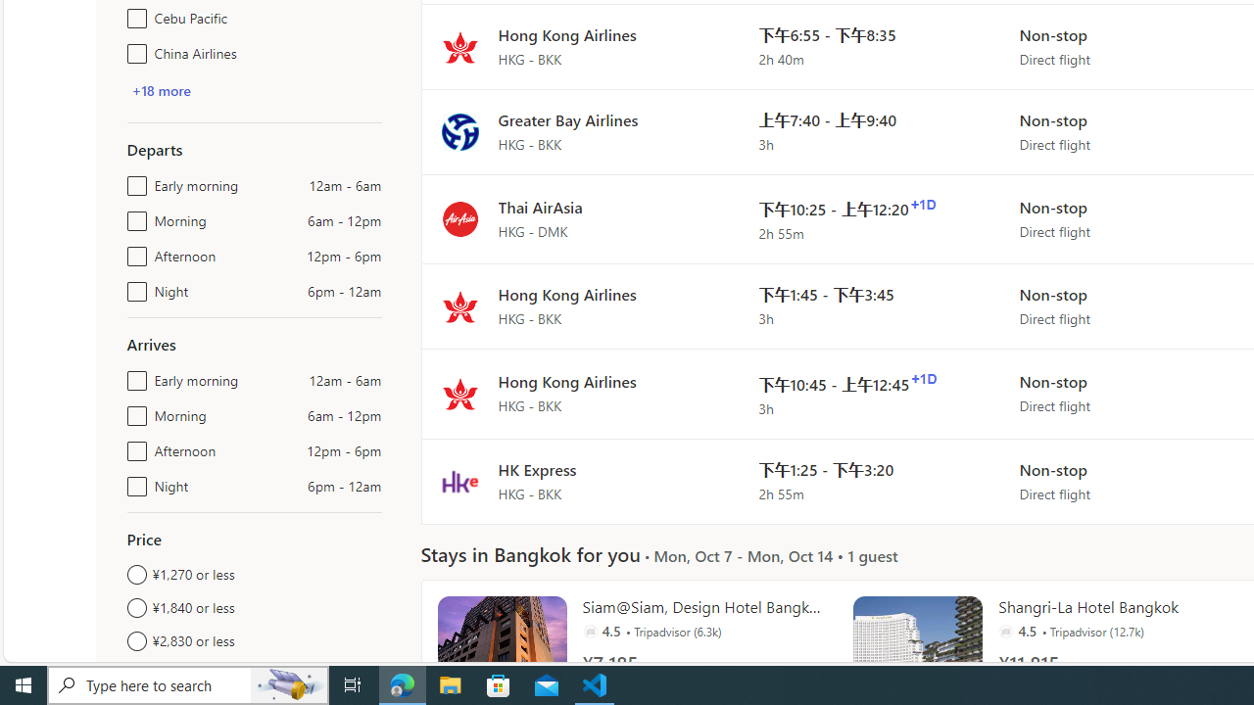  What do you see at coordinates (458, 481) in the screenshot?
I see `'Flight logo'` at bounding box center [458, 481].